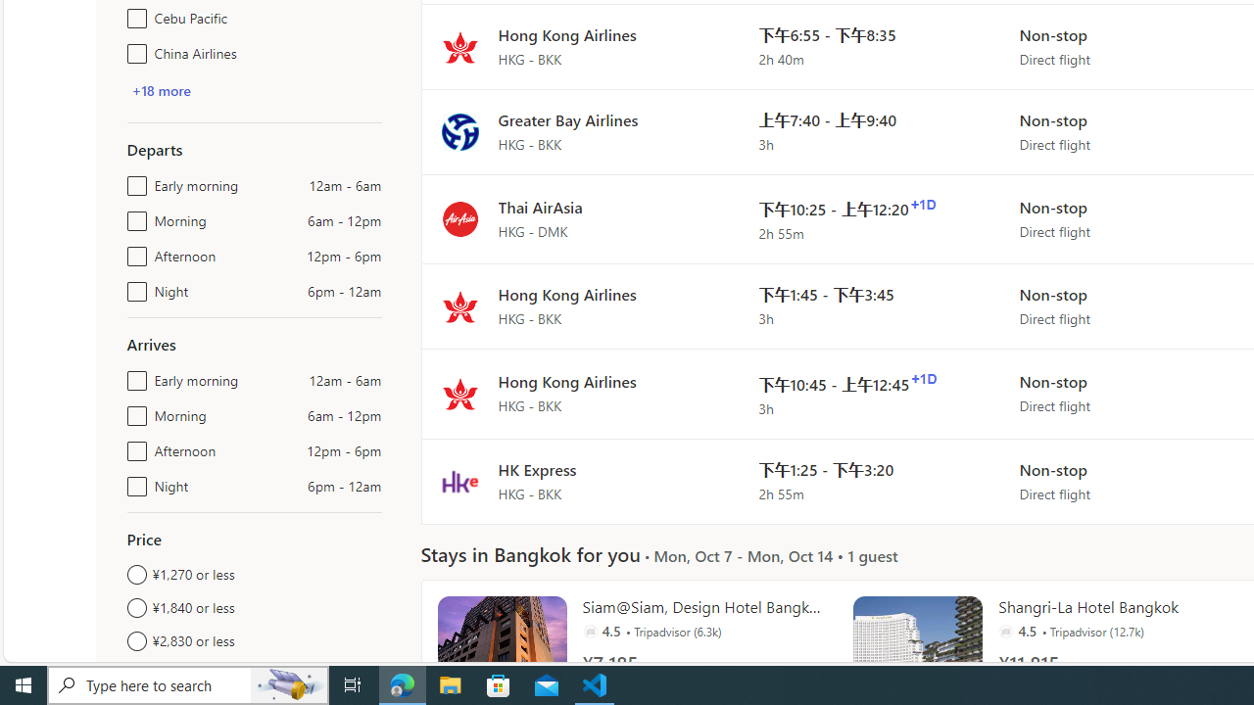  What do you see at coordinates (458, 481) in the screenshot?
I see `'Flight logo'` at bounding box center [458, 481].